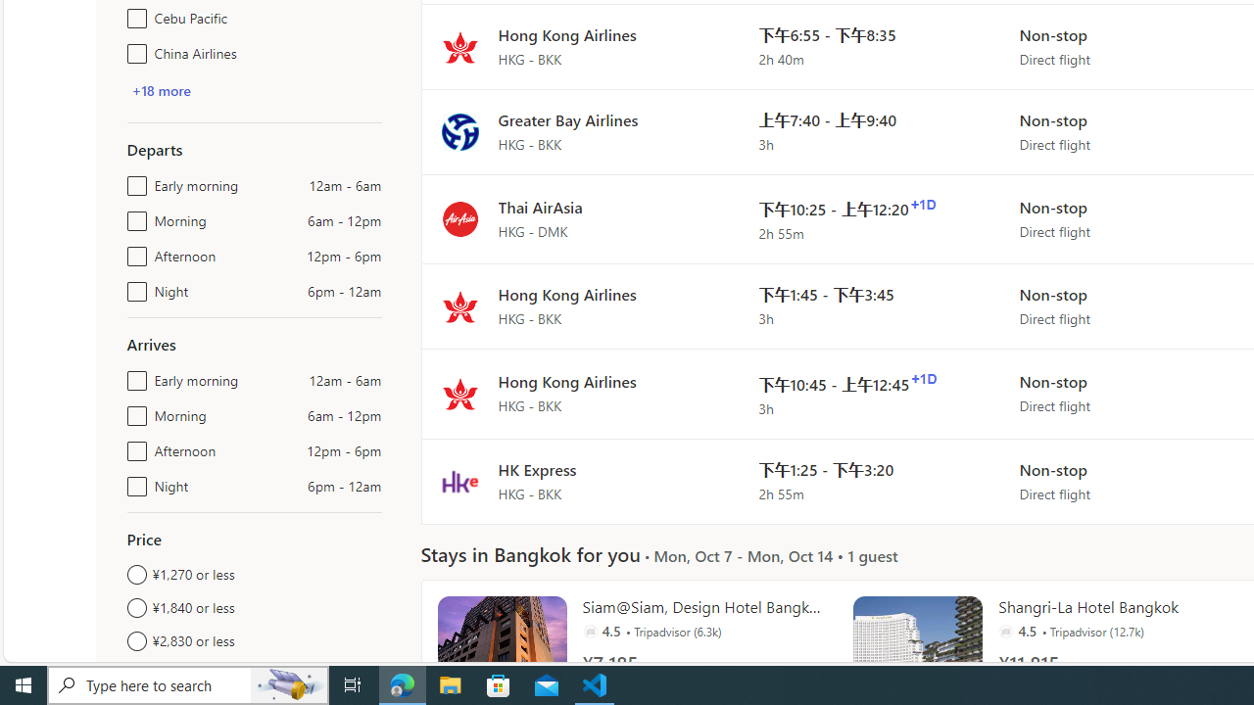  What do you see at coordinates (458, 481) in the screenshot?
I see `'Flight logo'` at bounding box center [458, 481].